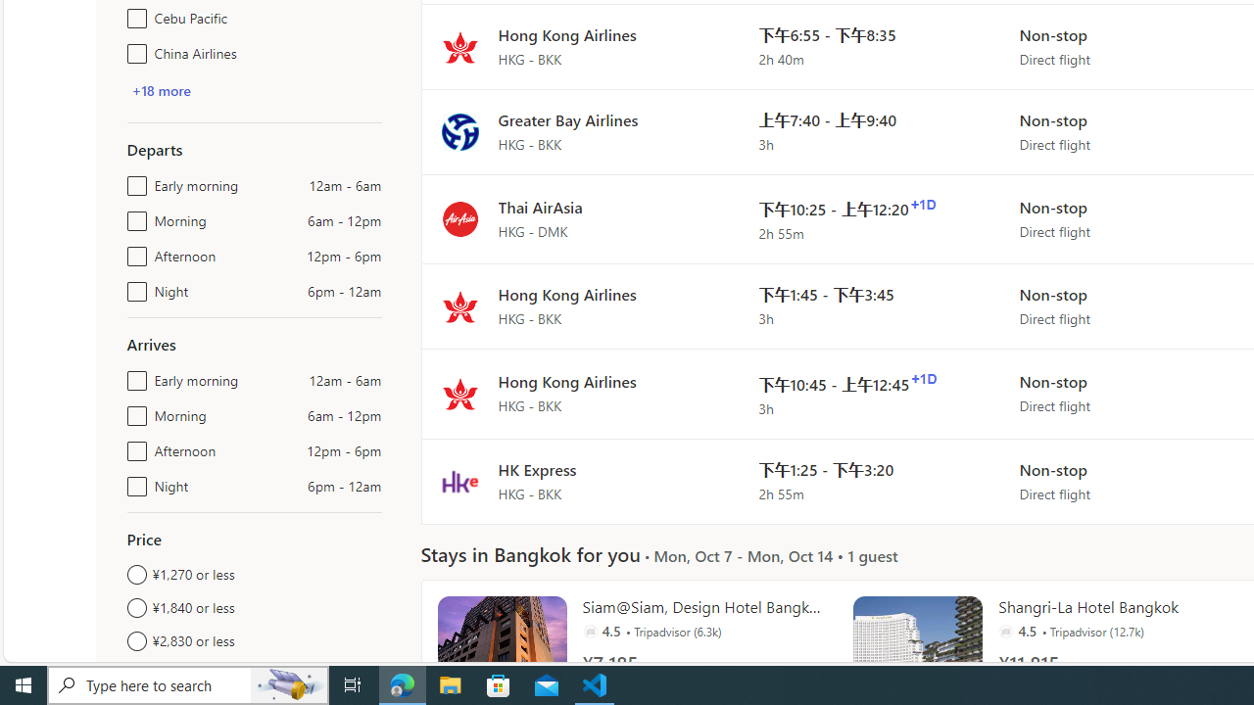  What do you see at coordinates (458, 481) in the screenshot?
I see `'Flight logo'` at bounding box center [458, 481].